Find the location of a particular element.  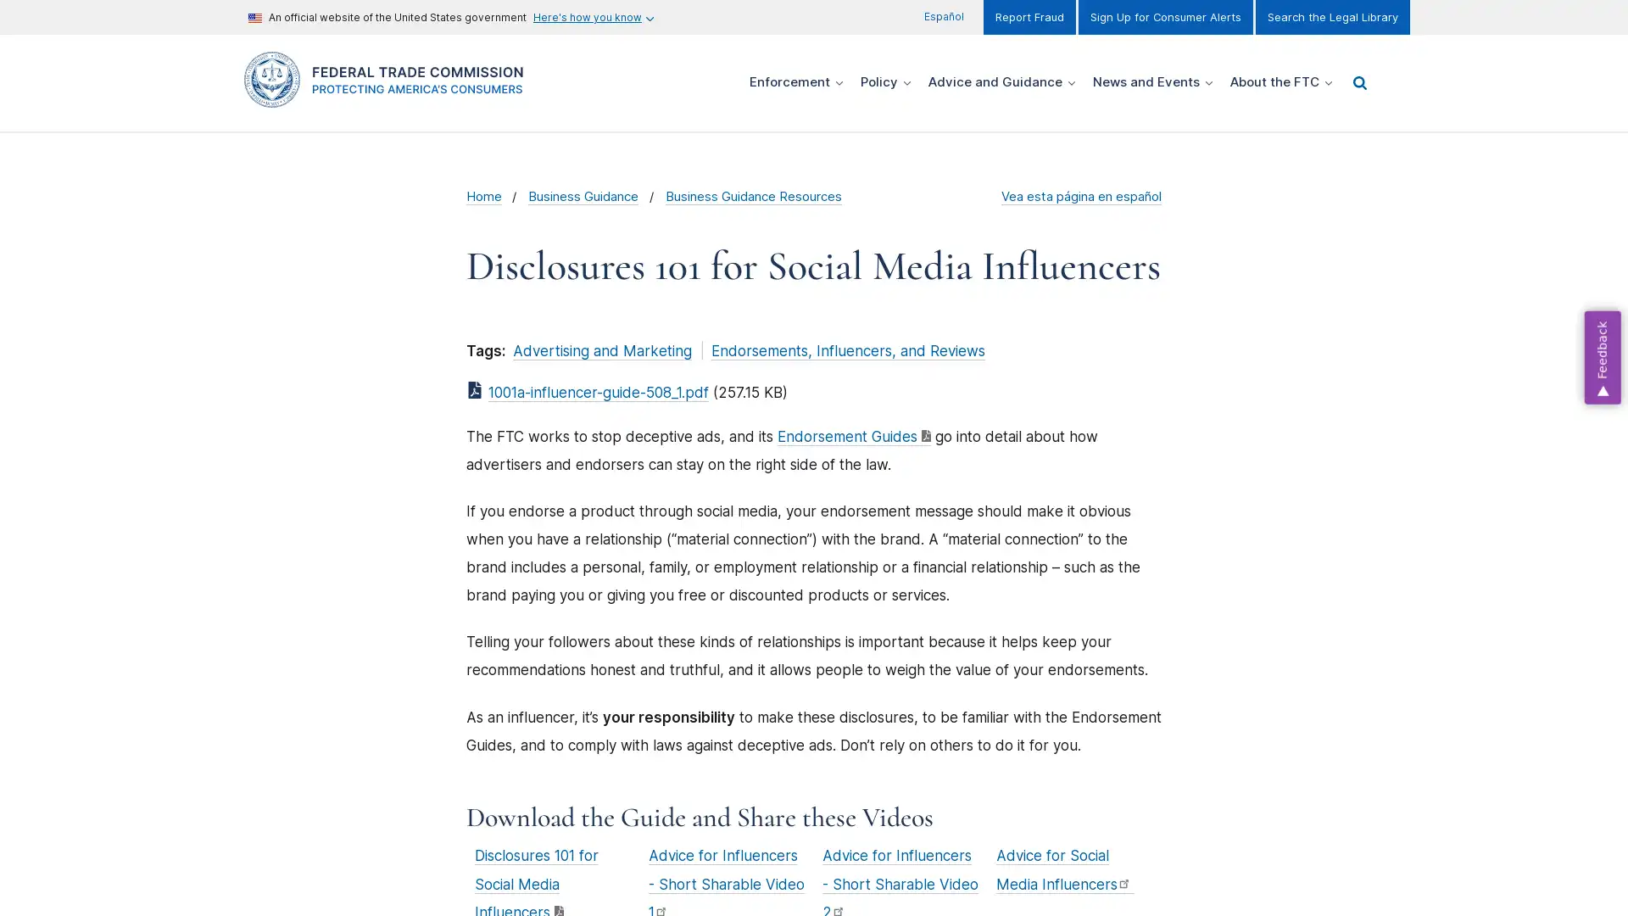

Feedback, opens dialog is located at coordinates (1601, 355).